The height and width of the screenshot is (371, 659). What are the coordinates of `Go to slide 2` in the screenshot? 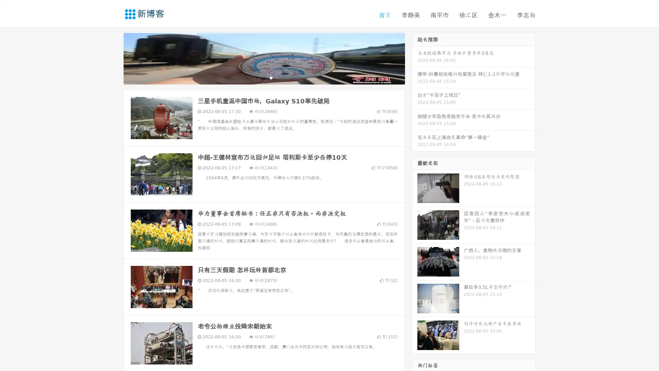 It's located at (264, 77).